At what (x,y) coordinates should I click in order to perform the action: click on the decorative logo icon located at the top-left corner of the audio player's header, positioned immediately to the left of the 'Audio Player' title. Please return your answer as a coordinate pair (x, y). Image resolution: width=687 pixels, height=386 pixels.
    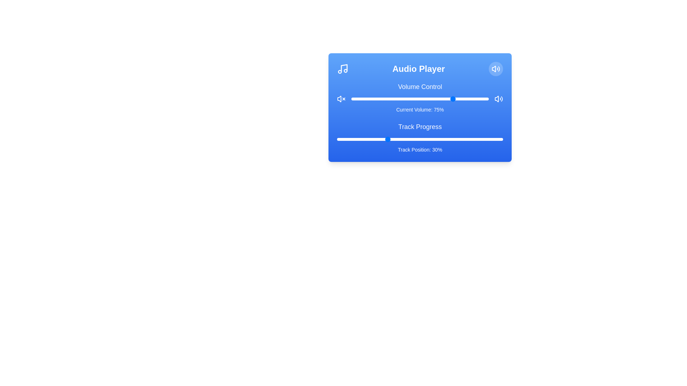
    Looking at the image, I should click on (342, 69).